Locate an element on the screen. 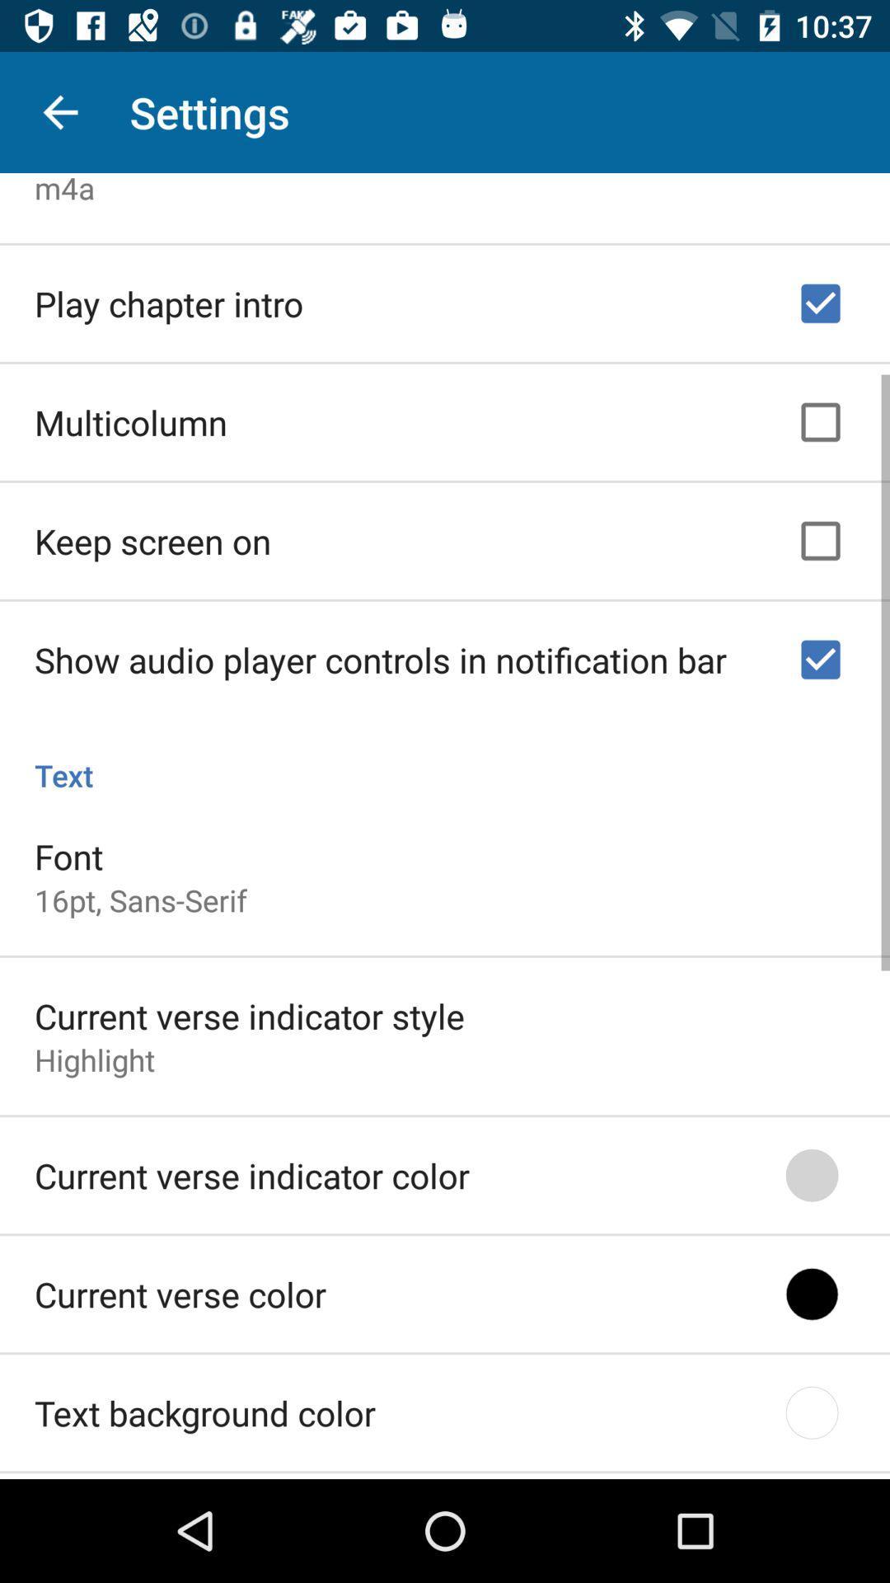  the font icon is located at coordinates (68, 851).